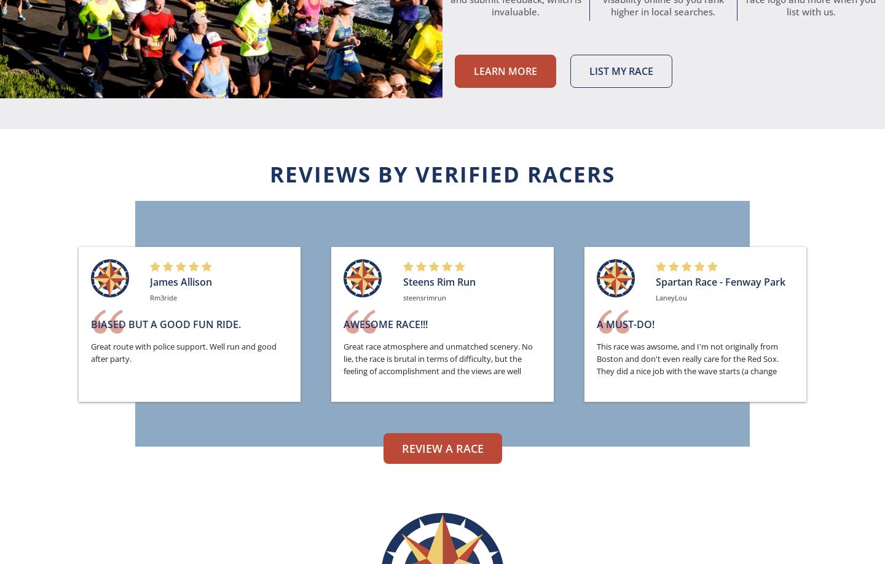  I want to click on 'Rm3ride', so click(162, 297).